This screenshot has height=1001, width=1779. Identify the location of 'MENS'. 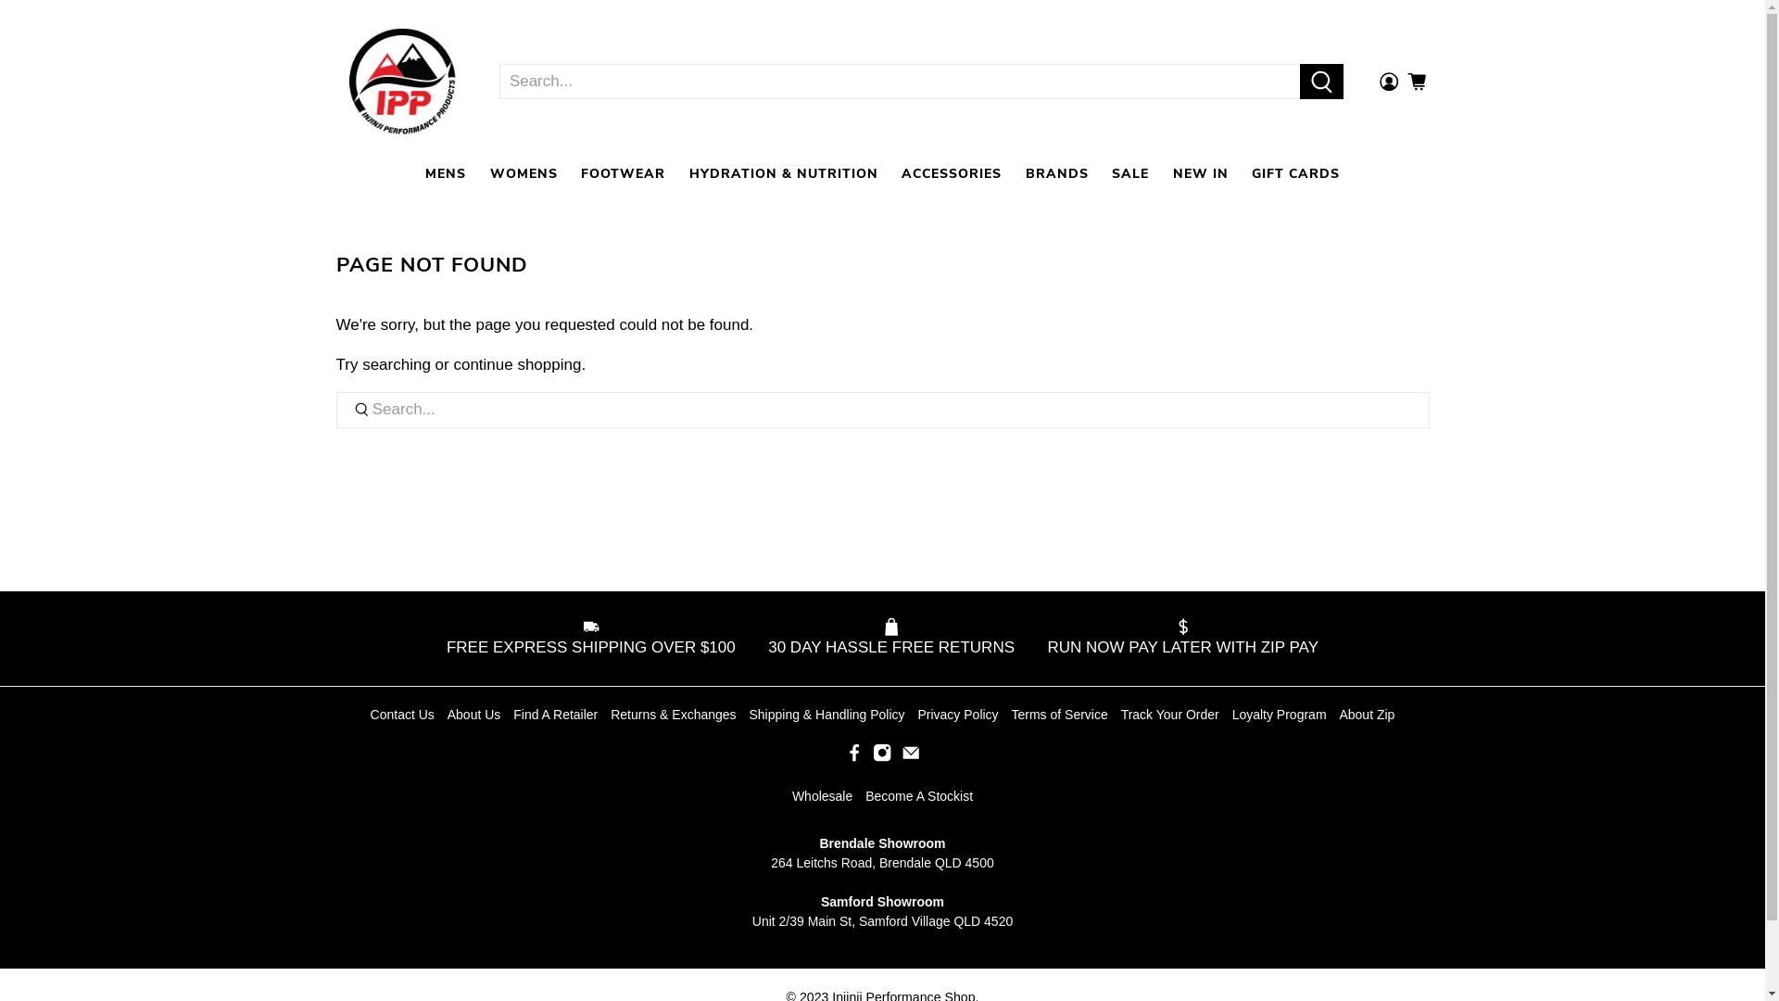
(445, 173).